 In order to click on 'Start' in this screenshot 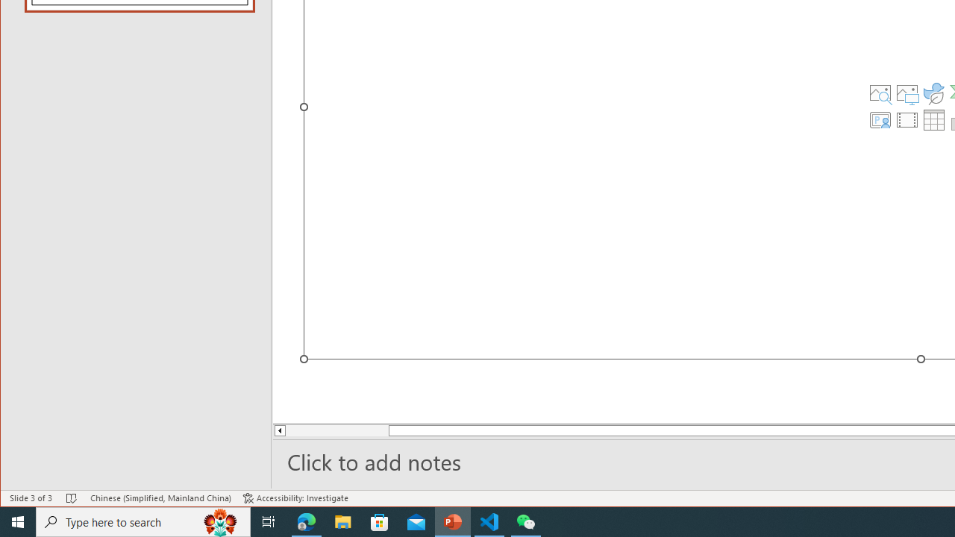, I will do `click(18, 521)`.